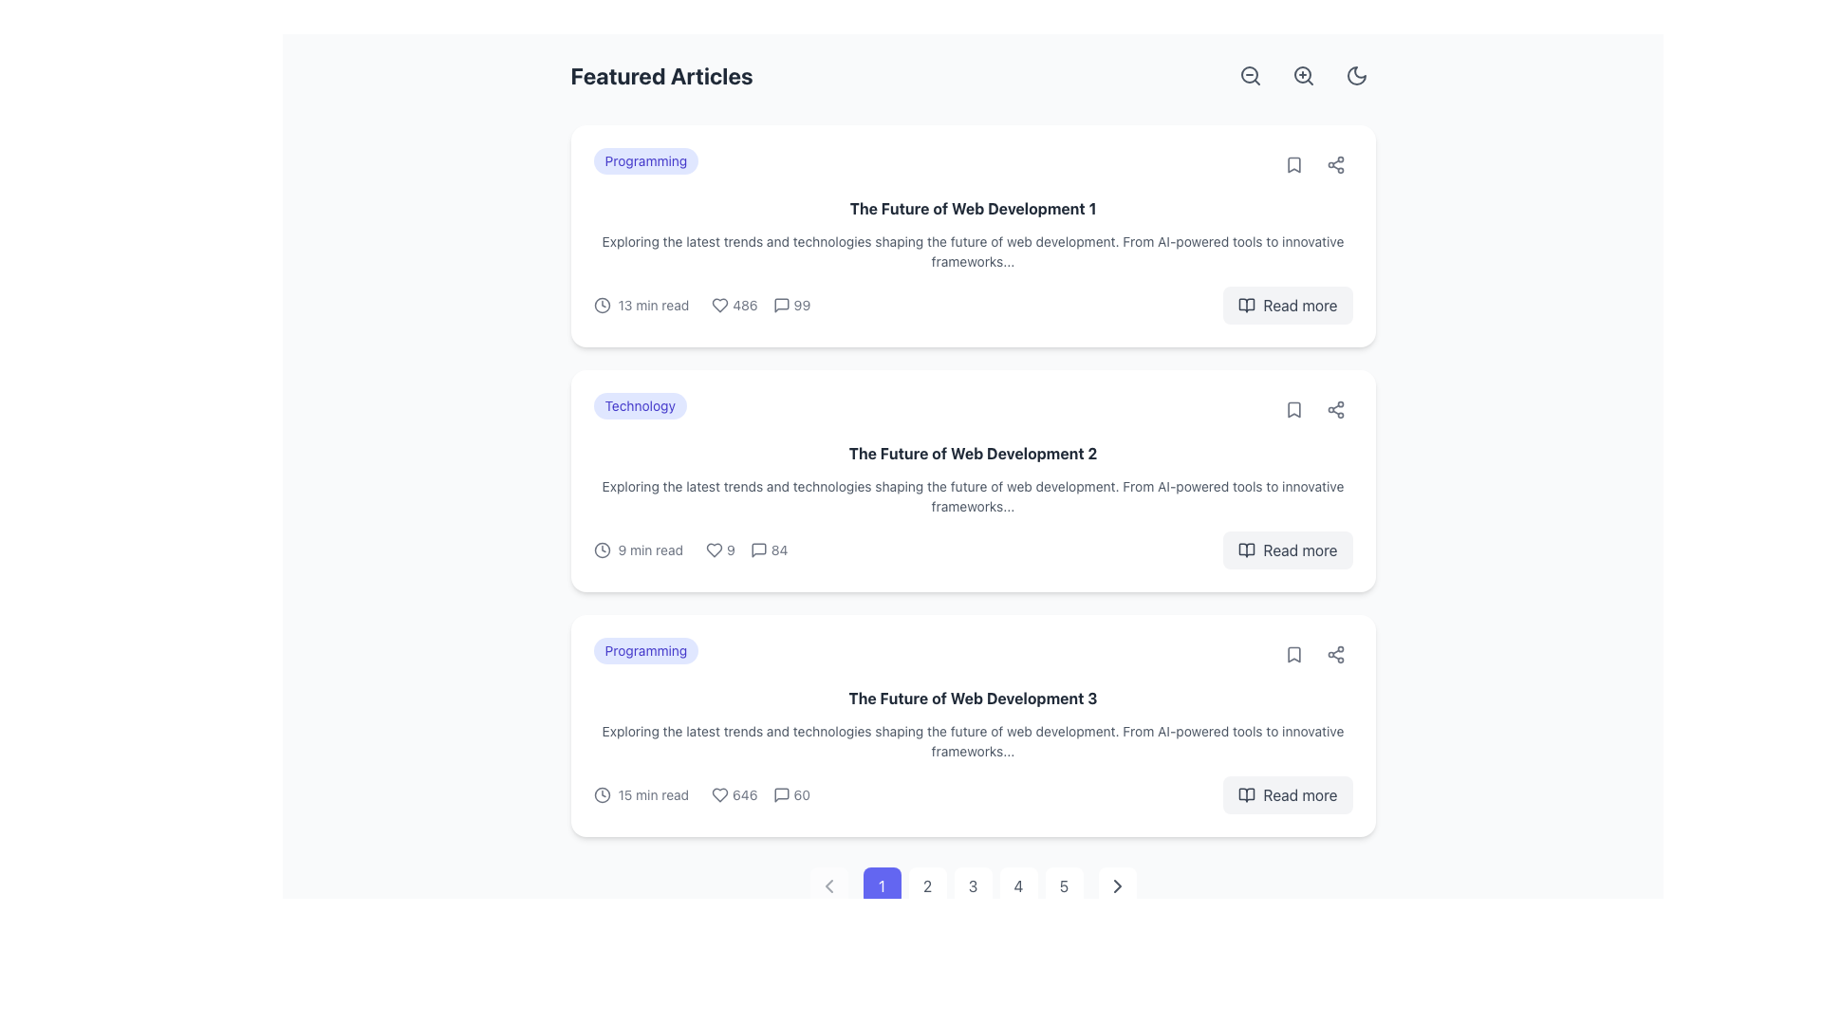  I want to click on the heart icon located in the center-right section of the third card titled 'The Future of Web Development 3', so click(718, 794).